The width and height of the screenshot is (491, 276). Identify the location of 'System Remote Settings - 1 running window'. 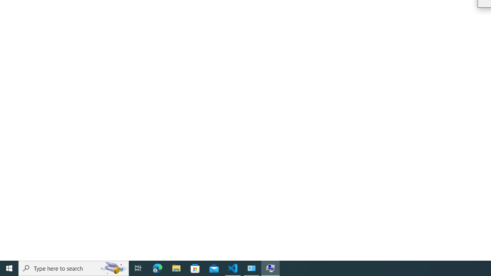
(270, 268).